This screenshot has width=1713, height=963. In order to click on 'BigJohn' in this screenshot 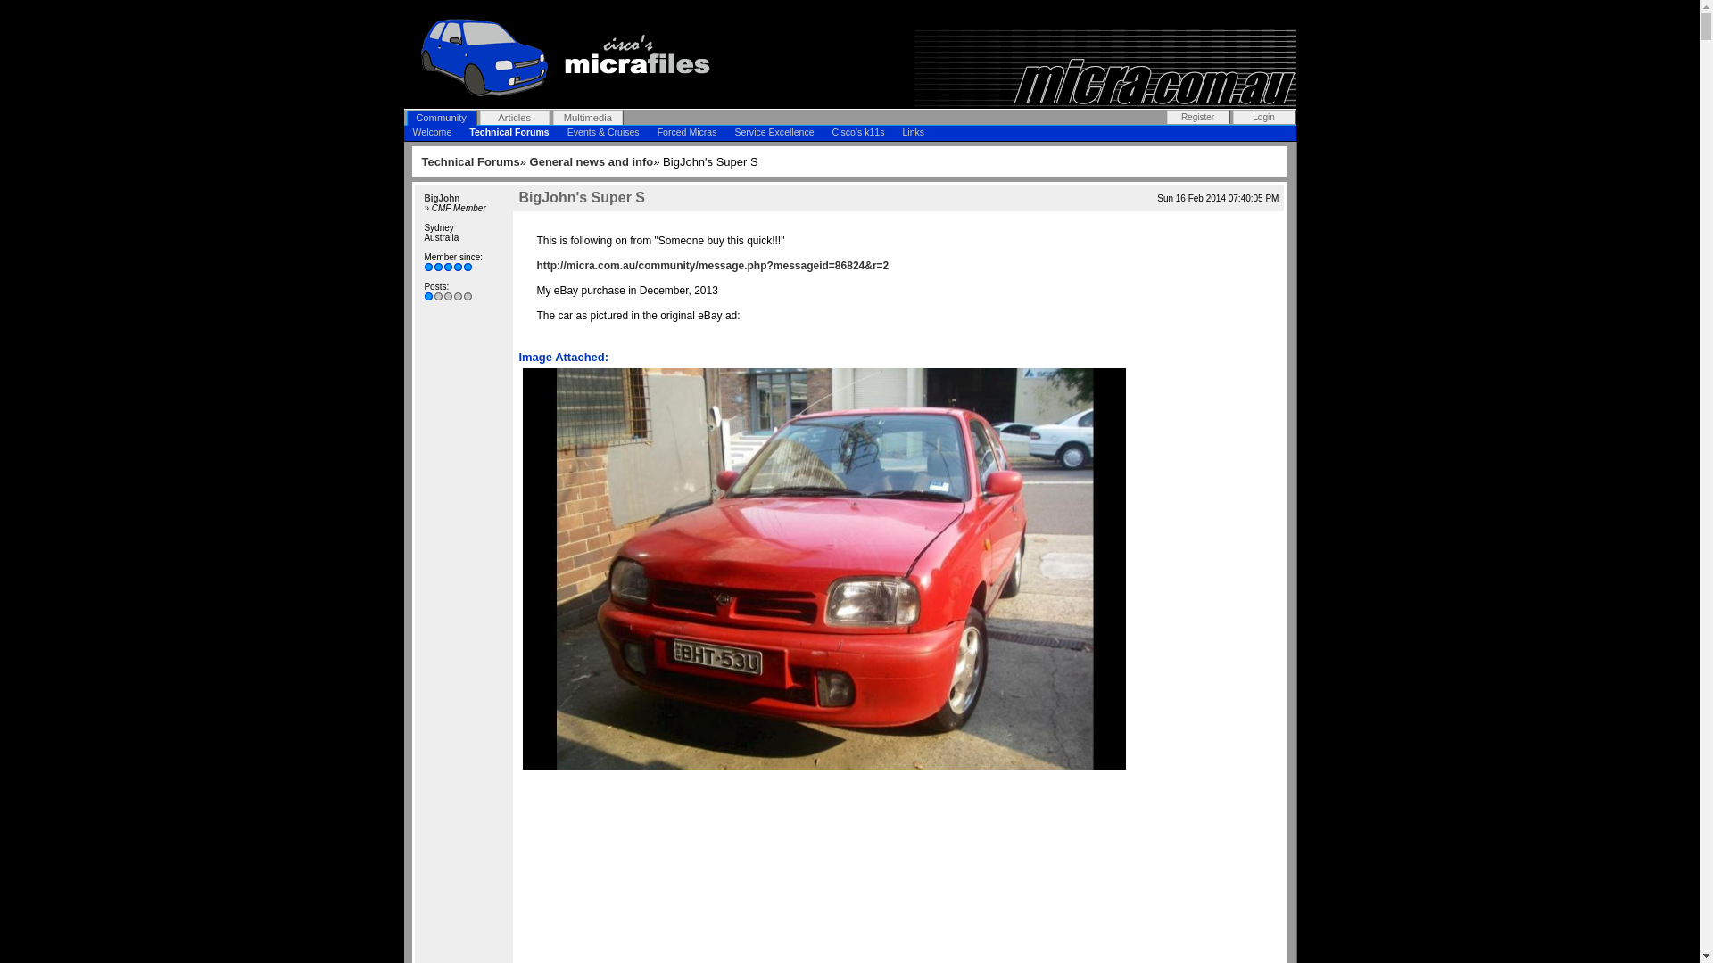, I will do `click(441, 198)`.